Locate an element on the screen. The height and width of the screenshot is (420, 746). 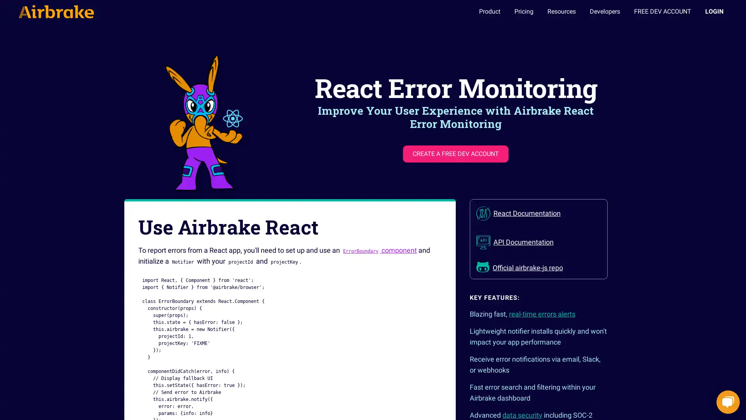
CREATE A FREE DEV ACCOUNT is located at coordinates (455, 154).